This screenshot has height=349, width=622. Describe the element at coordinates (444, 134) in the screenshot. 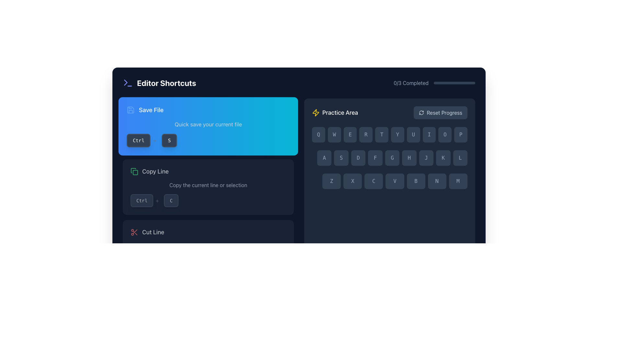

I see `the virtual keyboard key for the letter 'O', which is the ninth key in the first row, located between the 'I' and 'P' keys` at that location.